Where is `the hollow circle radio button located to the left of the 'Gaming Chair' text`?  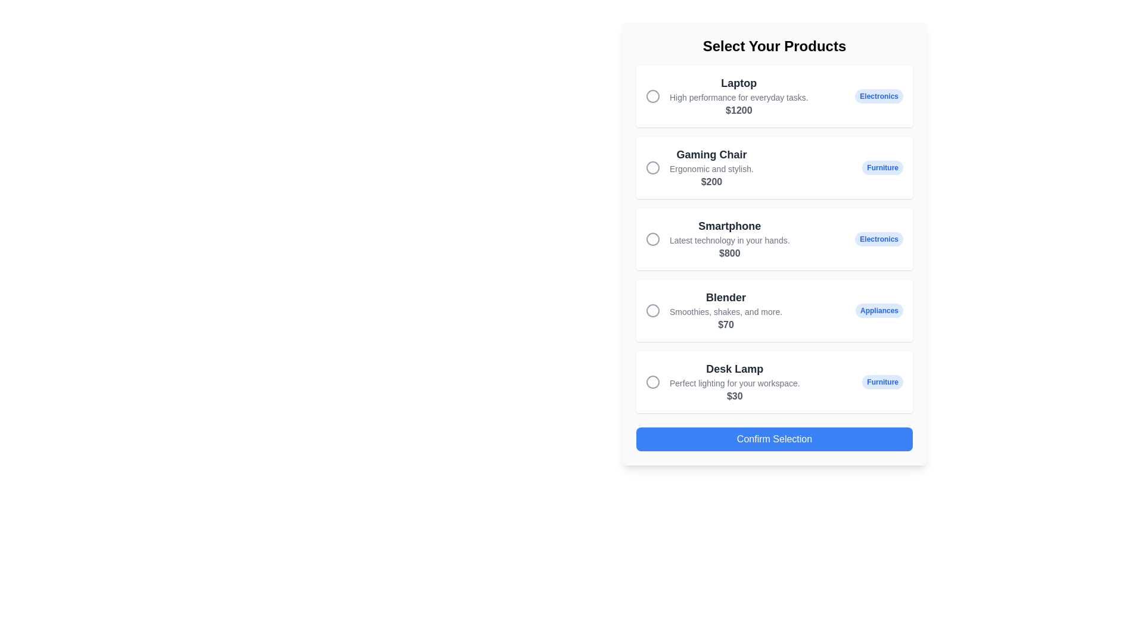 the hollow circle radio button located to the left of the 'Gaming Chair' text is located at coordinates (652, 167).